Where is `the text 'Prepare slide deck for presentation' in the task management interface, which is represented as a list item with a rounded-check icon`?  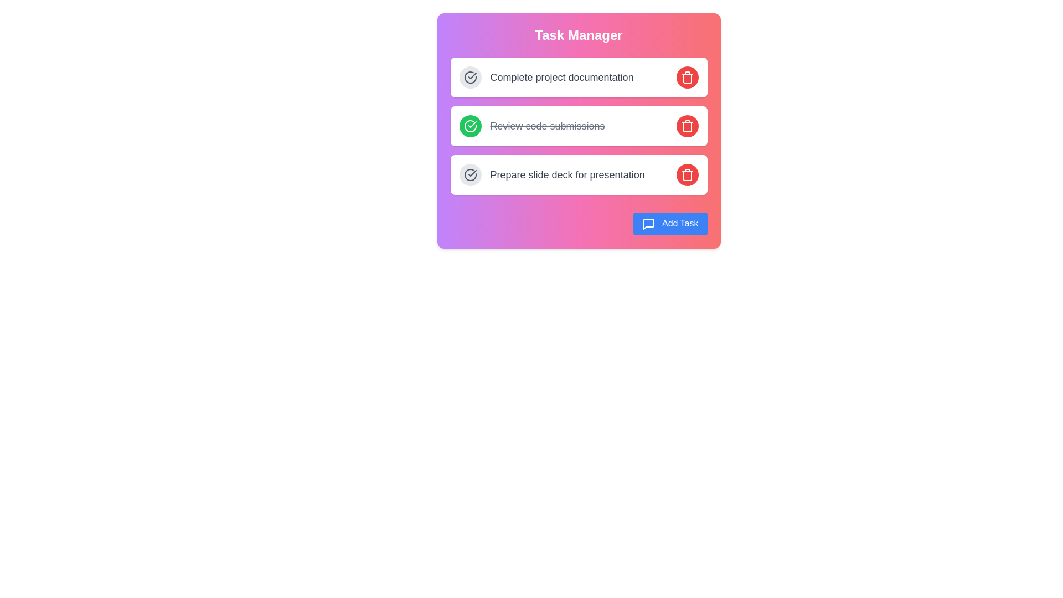 the text 'Prepare slide deck for presentation' in the task management interface, which is represented as a list item with a rounded-check icon is located at coordinates (552, 174).